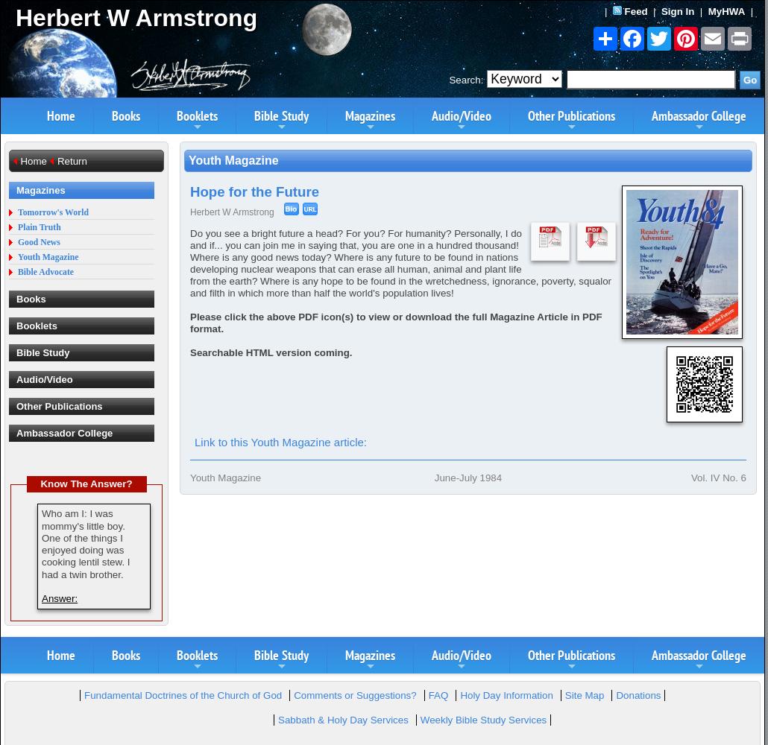 Image resolution: width=768 pixels, height=745 pixels. Describe the element at coordinates (341, 719) in the screenshot. I see `'Sabbath & Holy Day Services'` at that location.